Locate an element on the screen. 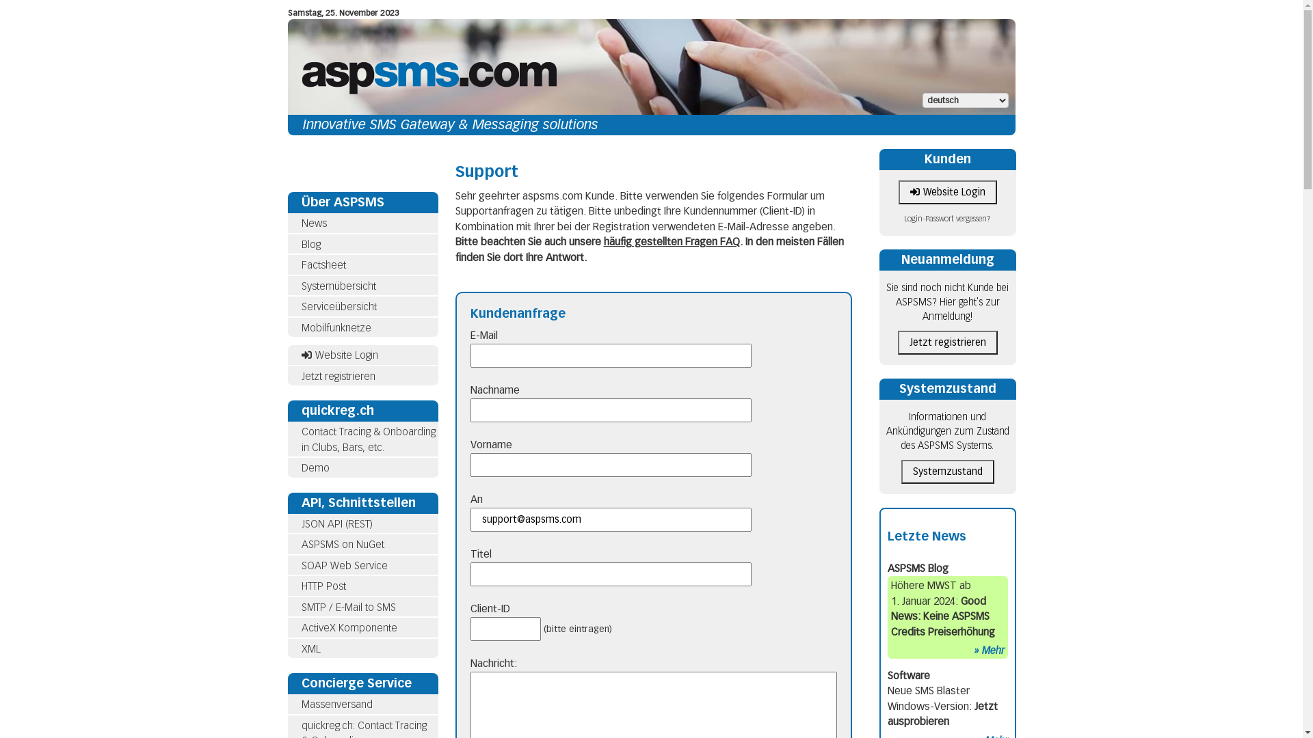 The image size is (1313, 738). 'Systemzustand' is located at coordinates (947, 471).